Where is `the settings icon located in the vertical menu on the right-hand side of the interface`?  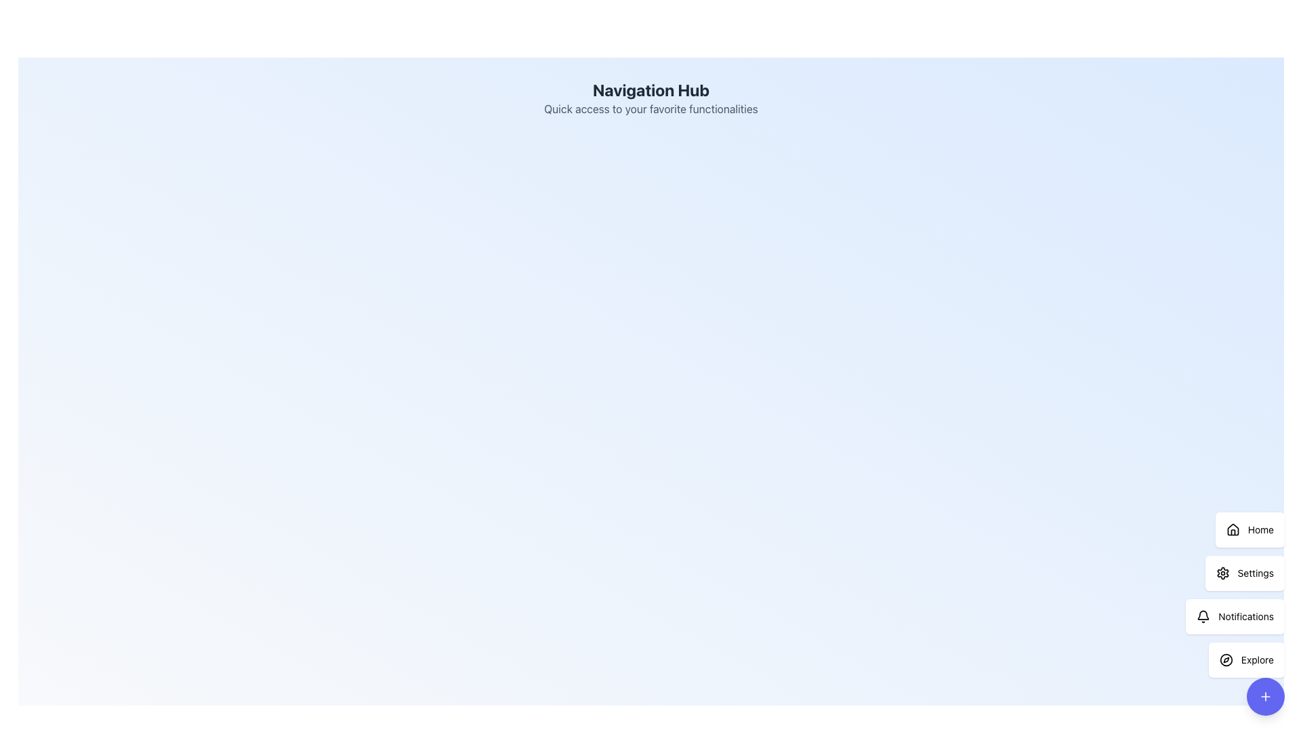
the settings icon located in the vertical menu on the right-hand side of the interface is located at coordinates (1222, 573).